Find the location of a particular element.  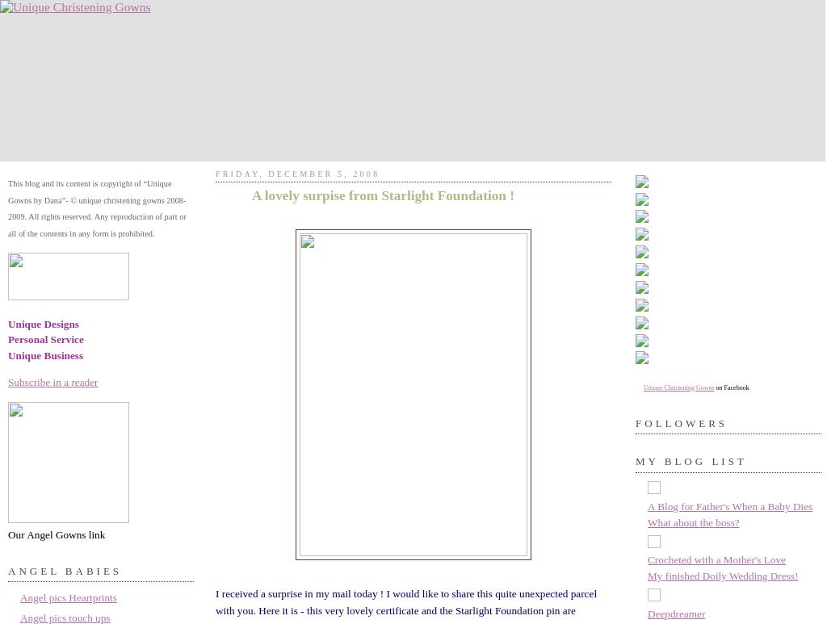

'Personal Service' is located at coordinates (44, 338).